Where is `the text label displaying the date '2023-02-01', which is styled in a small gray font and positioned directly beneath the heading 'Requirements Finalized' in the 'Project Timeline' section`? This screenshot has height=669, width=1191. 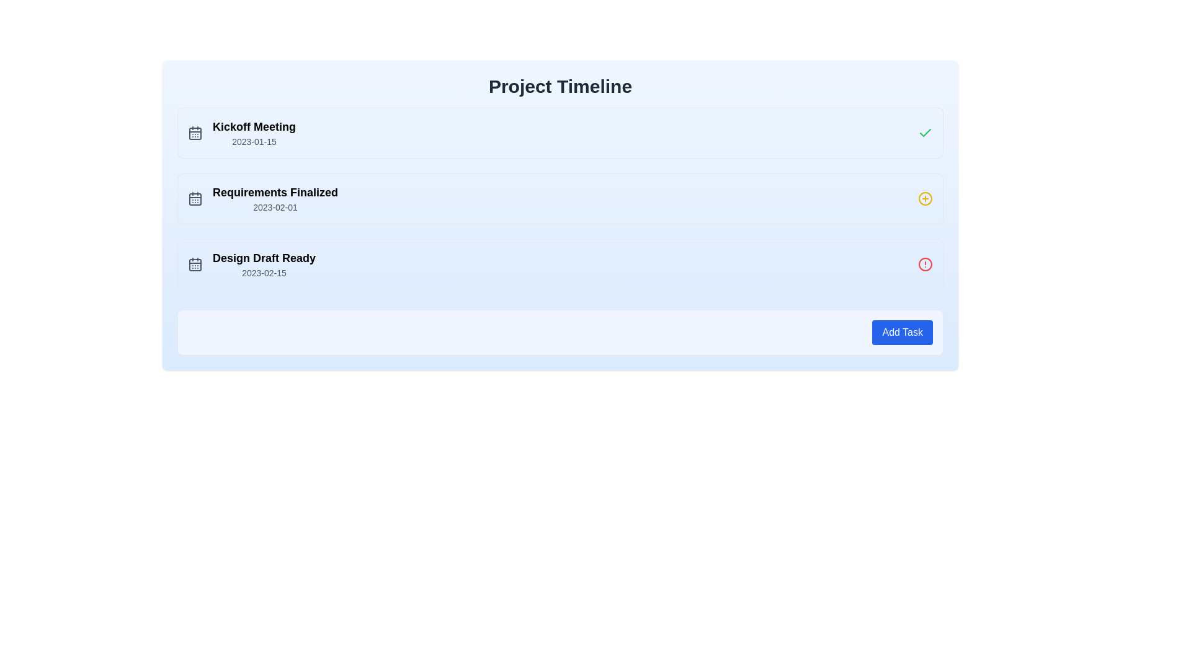 the text label displaying the date '2023-02-01', which is styled in a small gray font and positioned directly beneath the heading 'Requirements Finalized' in the 'Project Timeline' section is located at coordinates (275, 207).